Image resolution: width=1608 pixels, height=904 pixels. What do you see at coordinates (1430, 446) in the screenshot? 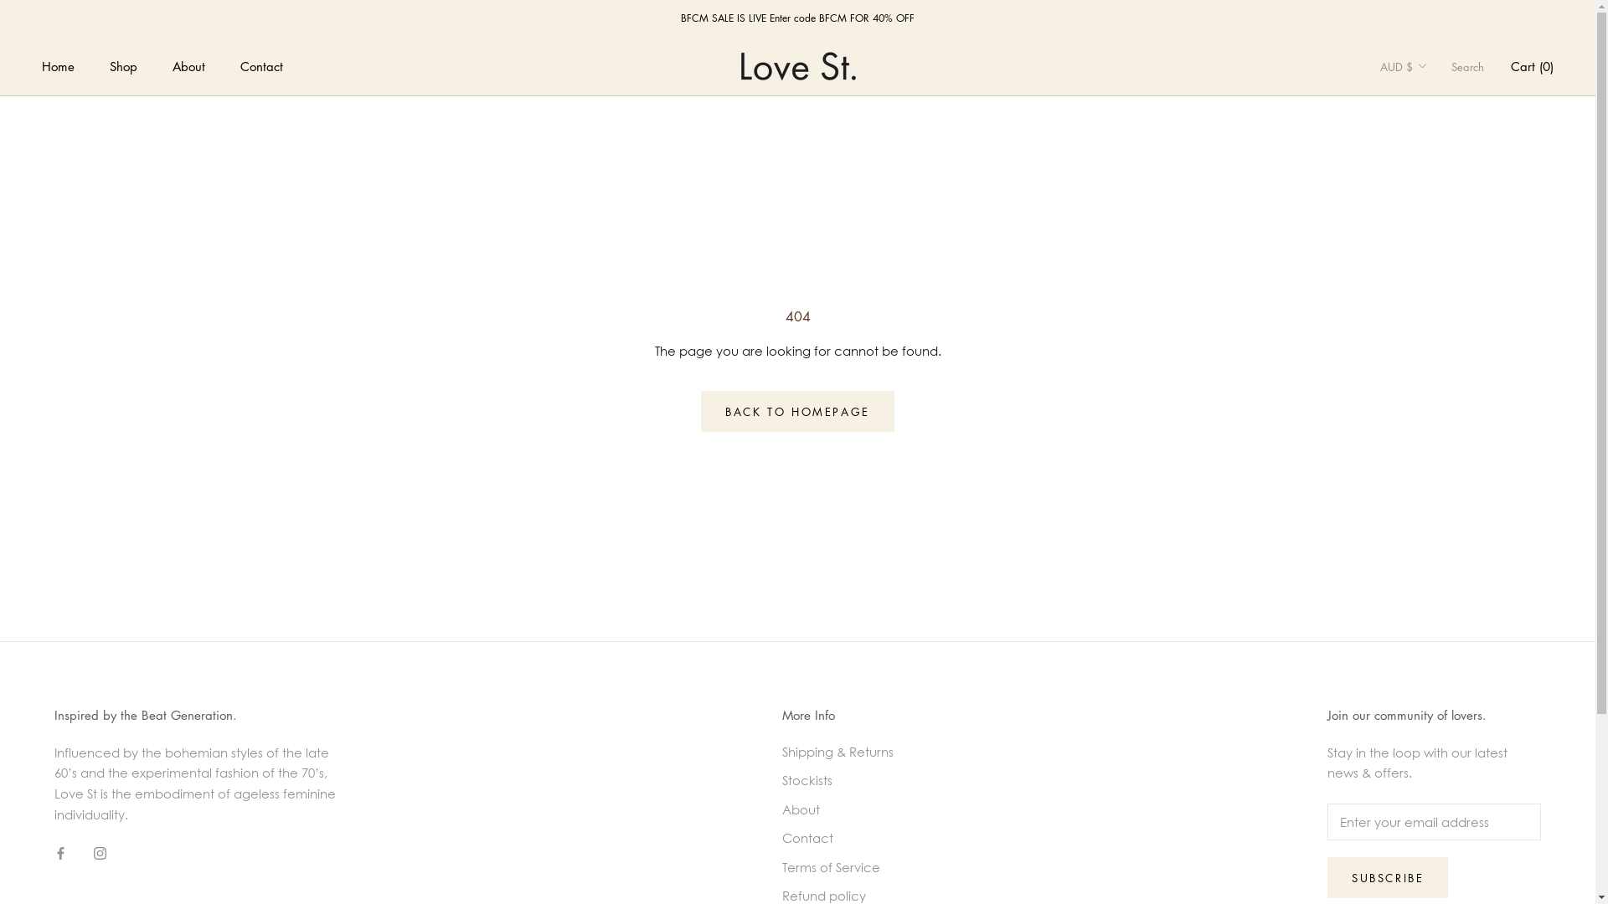
I see `'BND'` at bounding box center [1430, 446].